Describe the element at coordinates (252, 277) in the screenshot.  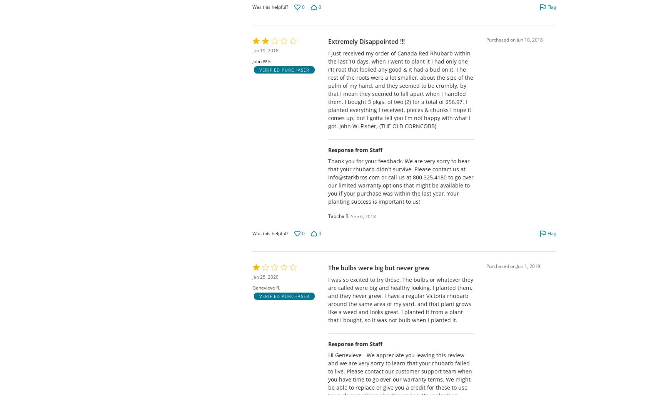
I see `'Jan 25, 2020'` at that location.